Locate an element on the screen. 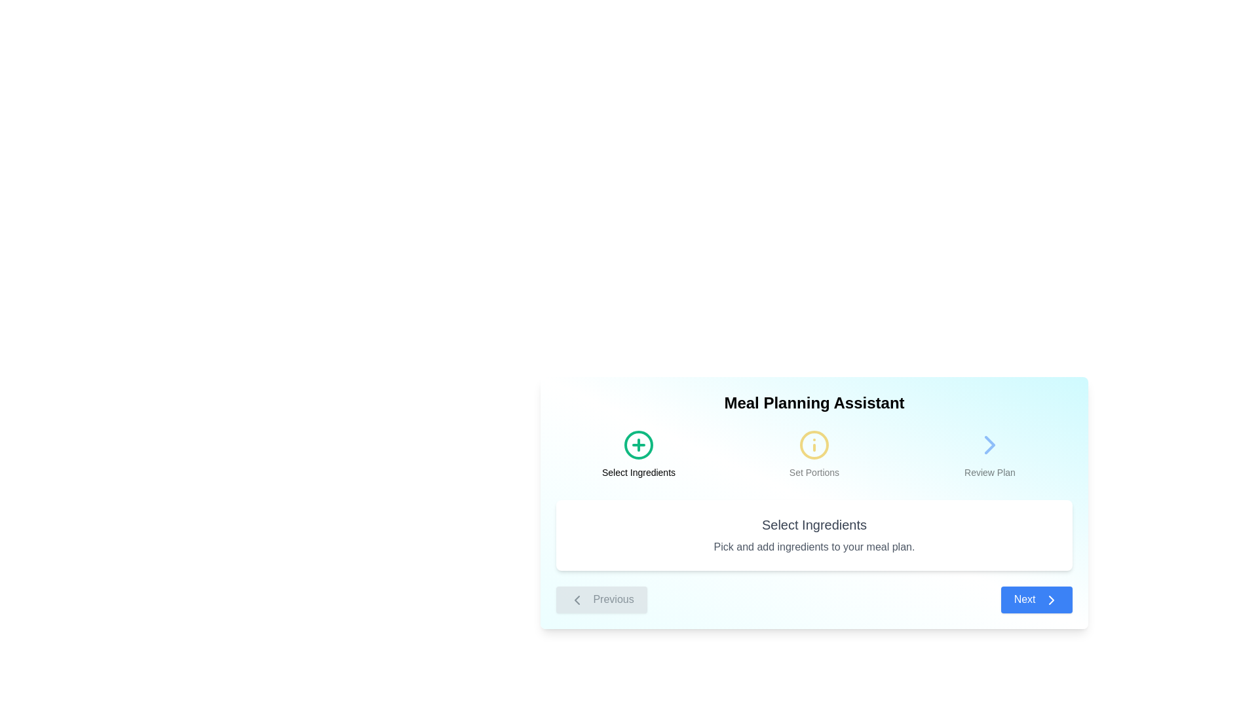 This screenshot has width=1258, height=707. the chevron-right icon, which is a small rightward-pointing triangular arrow located in the bottom-right corner of the 'Meal Planning Assistant' dialog box and is part of the 'Next' button is located at coordinates (1051, 599).